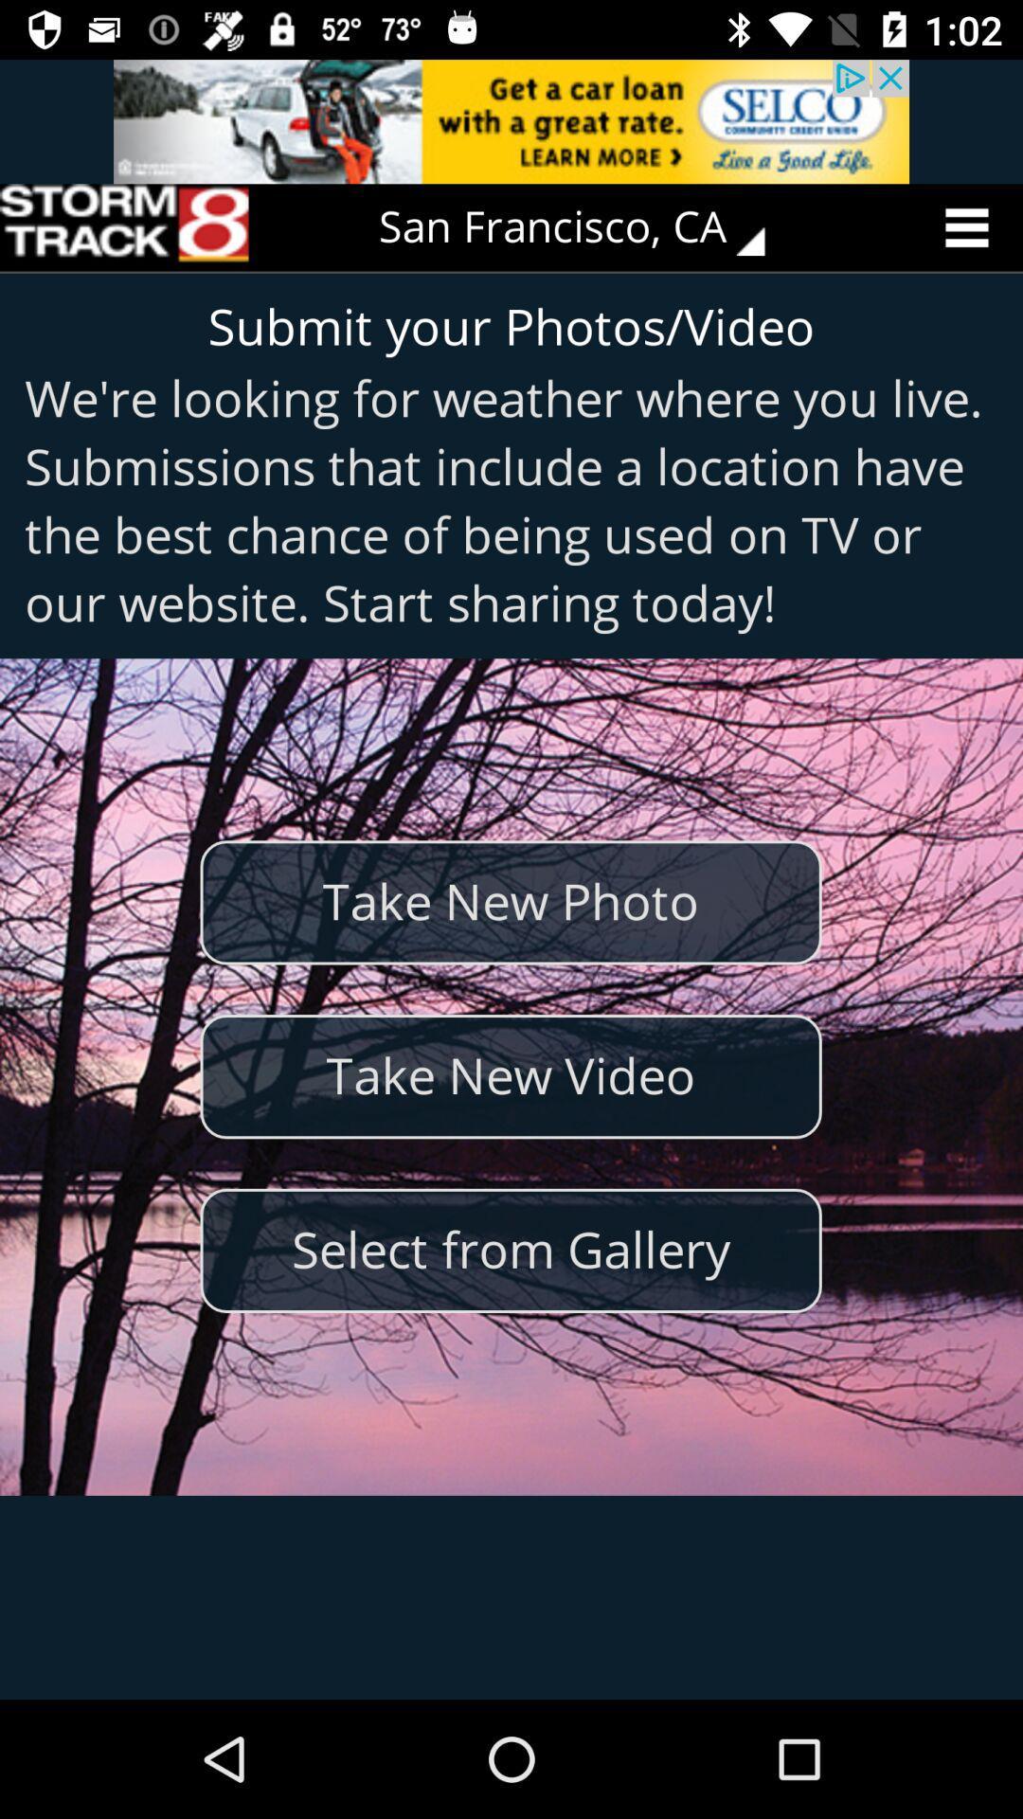 The image size is (1023, 1819). I want to click on the icon next to san francisco, ca icon, so click(124, 227).